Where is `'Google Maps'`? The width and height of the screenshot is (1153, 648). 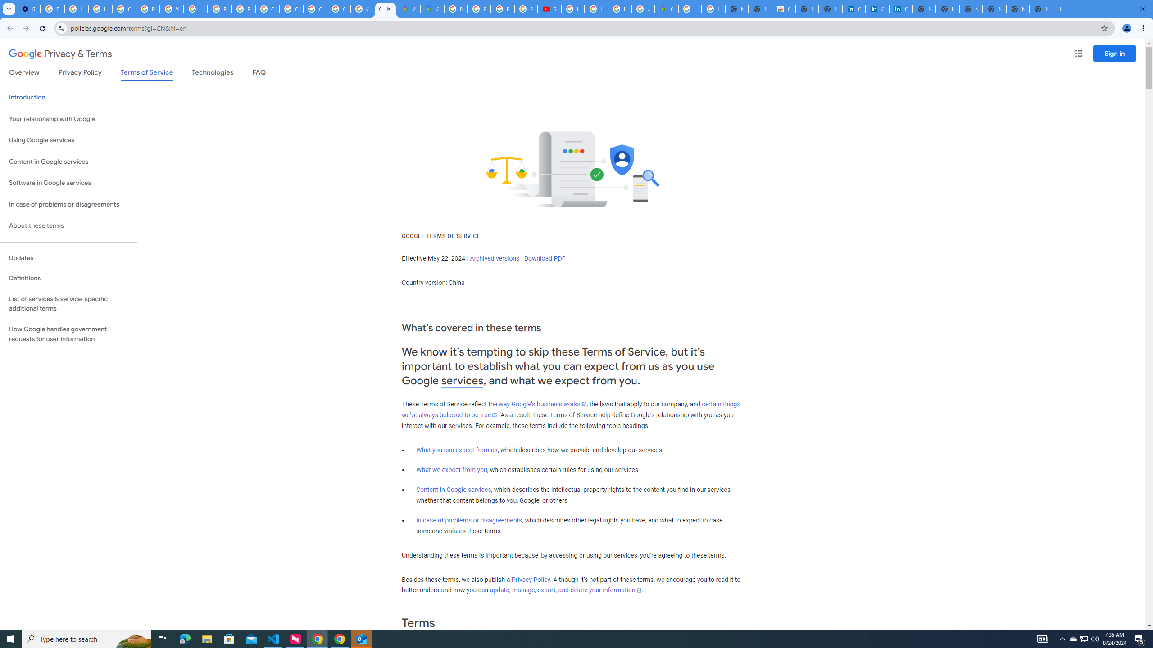
'Google Maps' is located at coordinates (432, 9).